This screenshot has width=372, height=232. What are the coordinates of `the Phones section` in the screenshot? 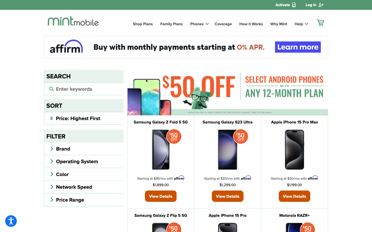 It's located at (198, 23).